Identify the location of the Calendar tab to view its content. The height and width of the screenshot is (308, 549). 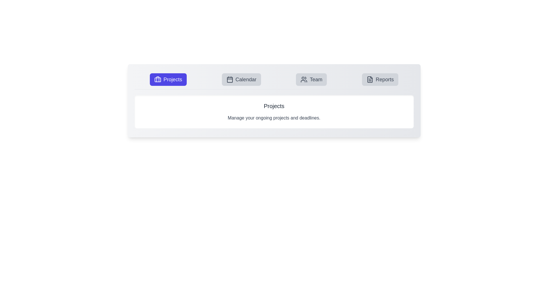
(241, 79).